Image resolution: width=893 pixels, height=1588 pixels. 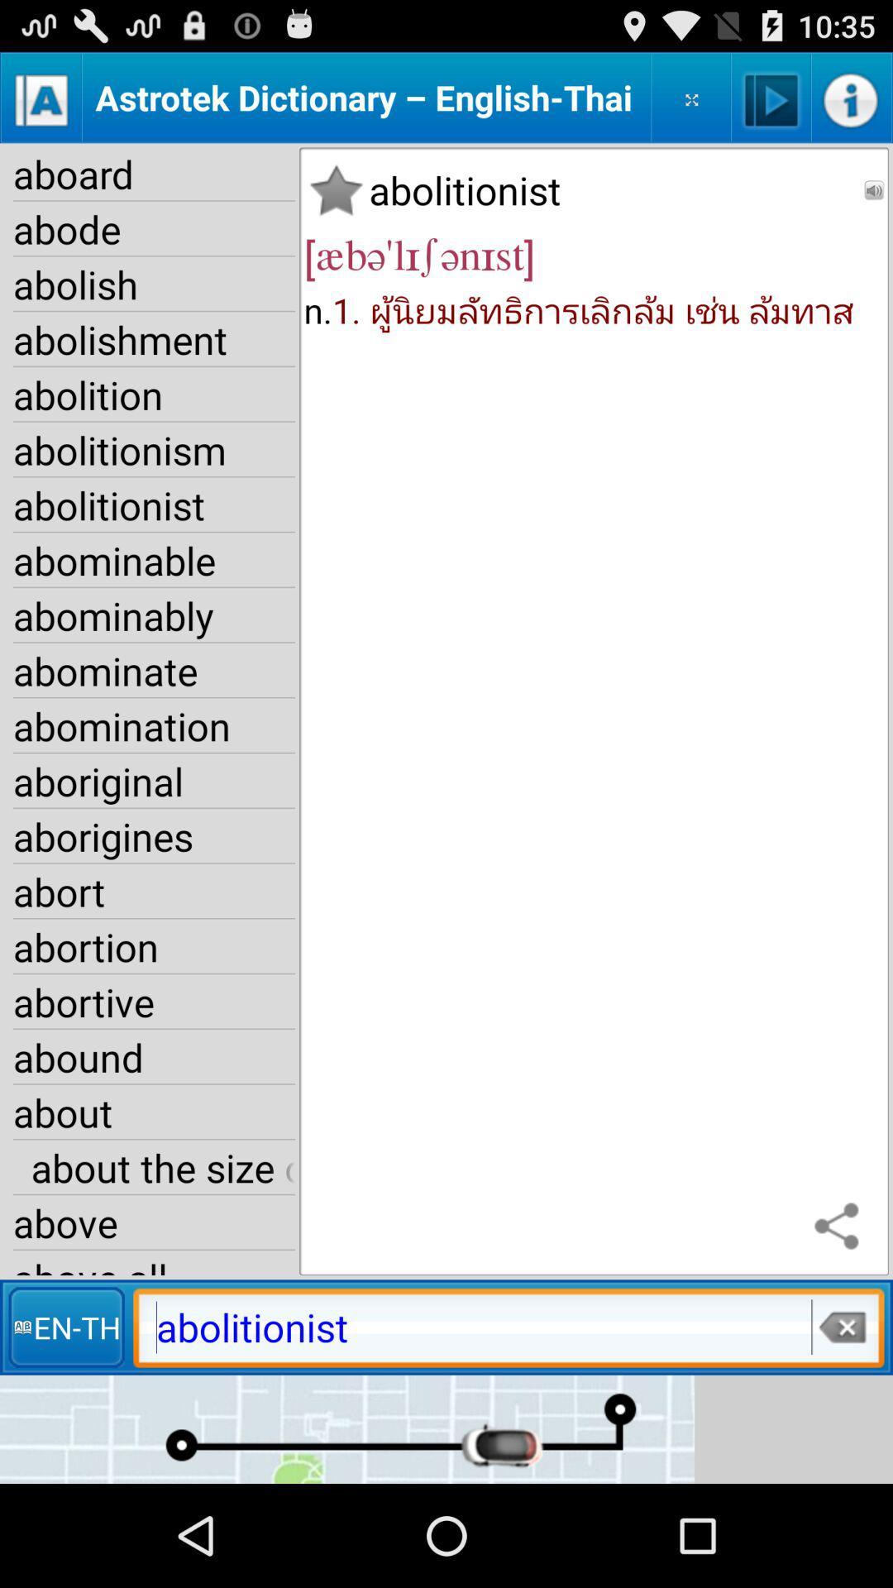 I want to click on get info about the app, so click(x=851, y=97).